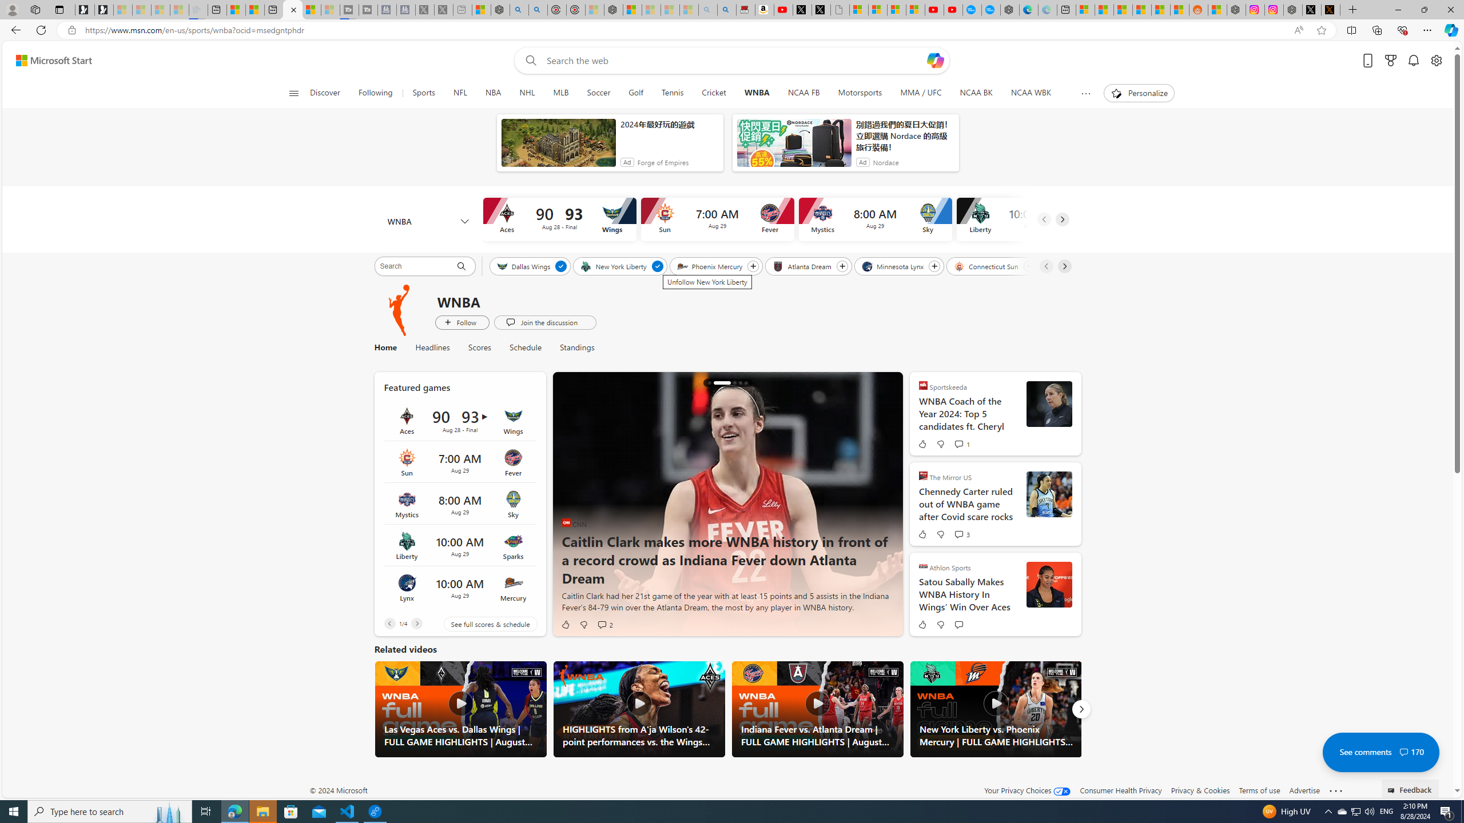 The height and width of the screenshot is (823, 1464). I want to click on 'Shanghai, China hourly forecast | Microsoft Weather', so click(1122, 9).